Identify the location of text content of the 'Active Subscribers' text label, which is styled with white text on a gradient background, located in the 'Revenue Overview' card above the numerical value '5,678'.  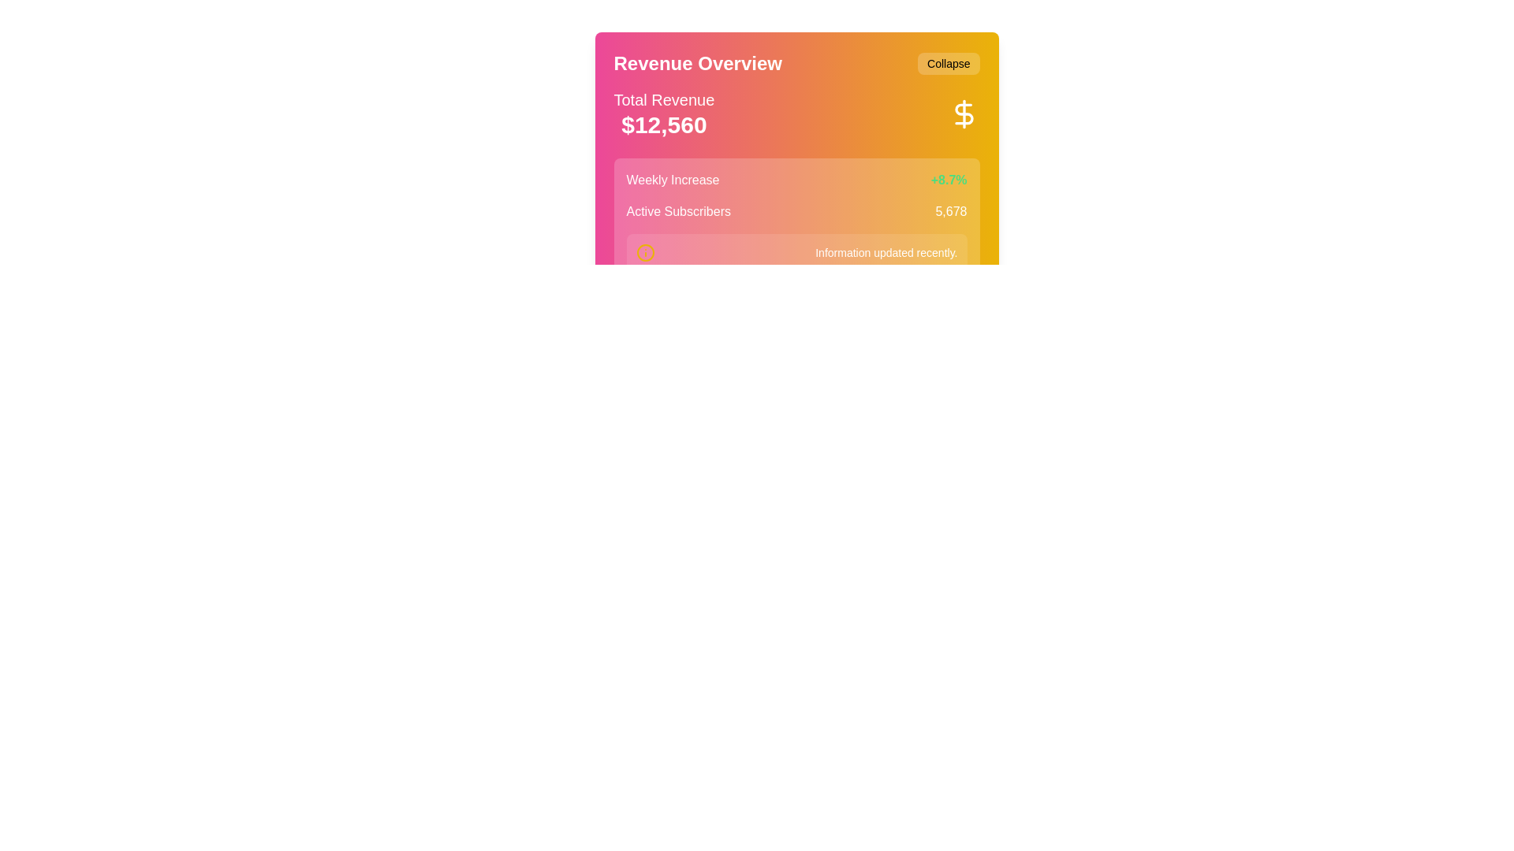
(678, 211).